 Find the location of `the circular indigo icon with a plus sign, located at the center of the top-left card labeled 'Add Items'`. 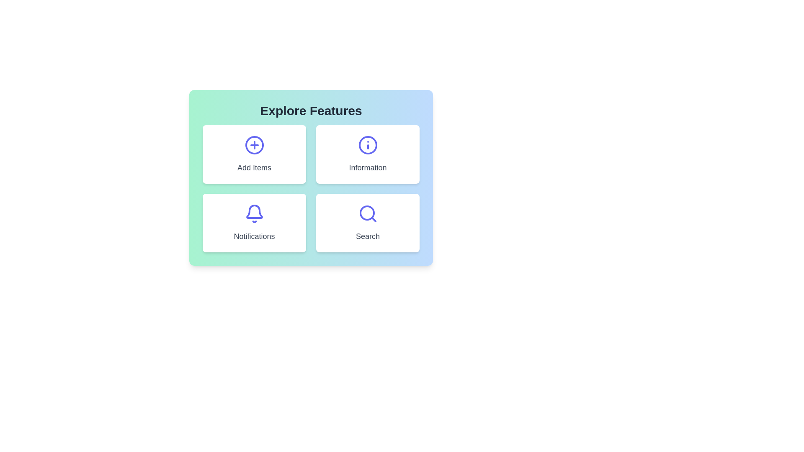

the circular indigo icon with a plus sign, located at the center of the top-left card labeled 'Add Items' is located at coordinates (254, 145).